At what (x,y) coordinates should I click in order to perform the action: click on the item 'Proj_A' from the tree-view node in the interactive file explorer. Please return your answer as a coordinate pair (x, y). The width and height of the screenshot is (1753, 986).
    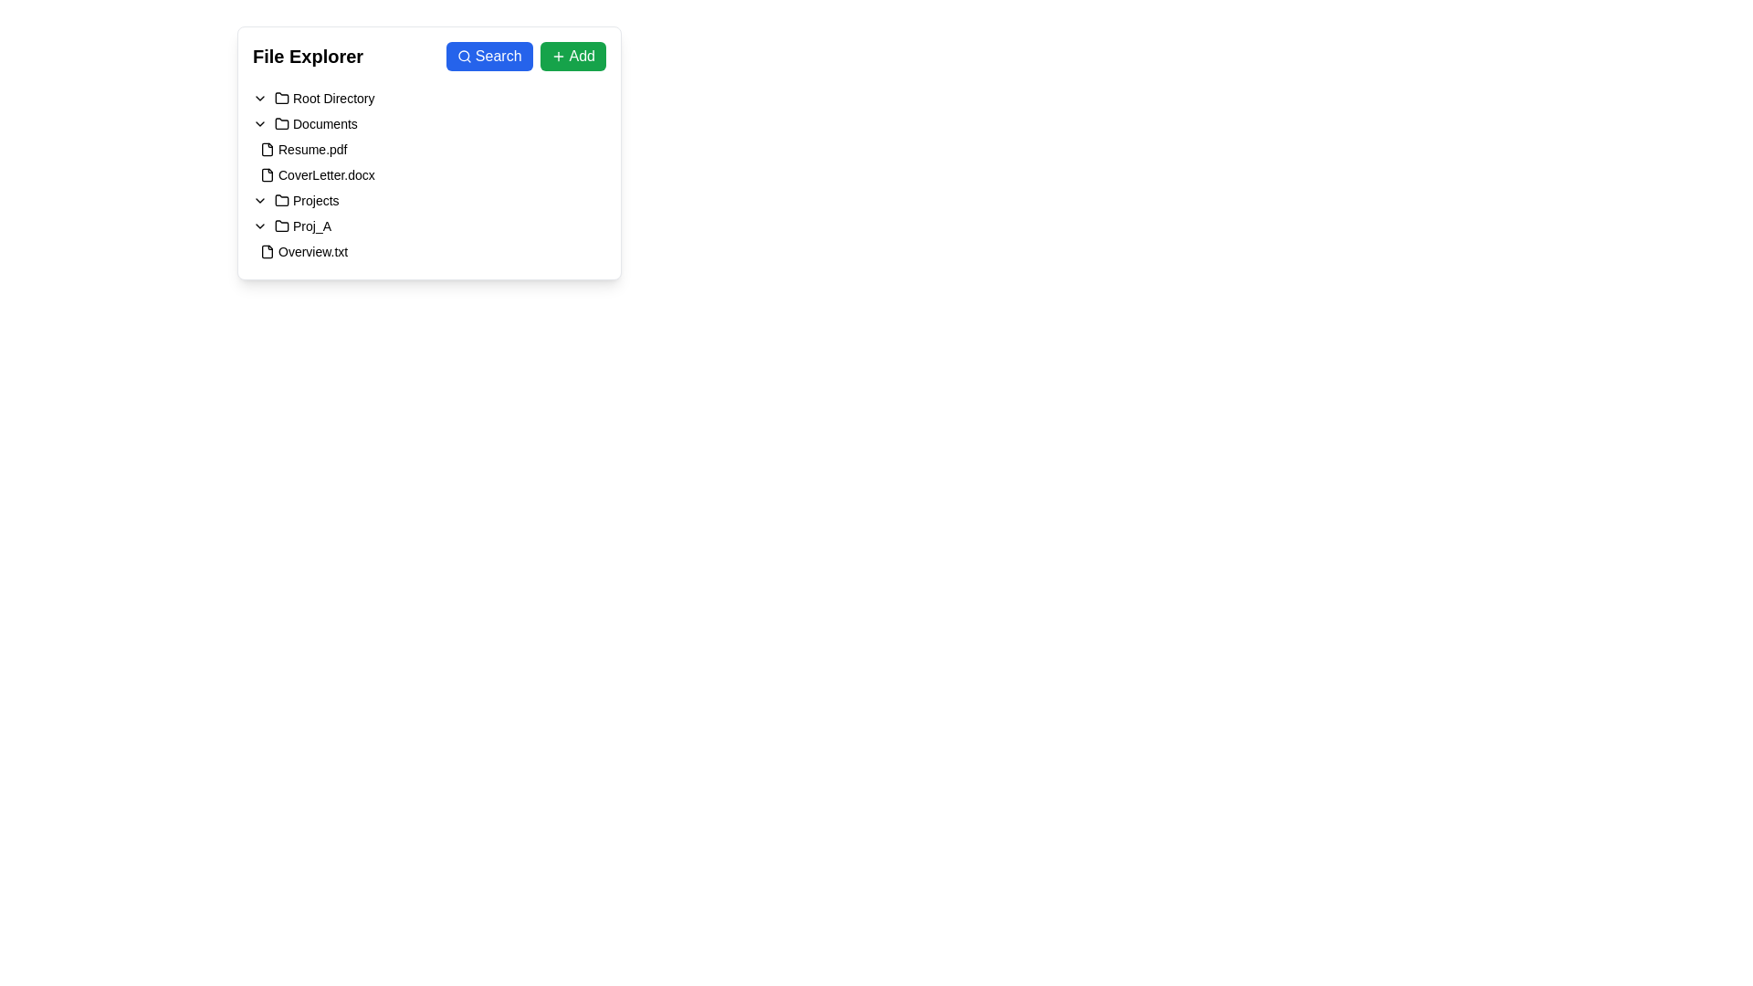
    Looking at the image, I should click on (428, 187).